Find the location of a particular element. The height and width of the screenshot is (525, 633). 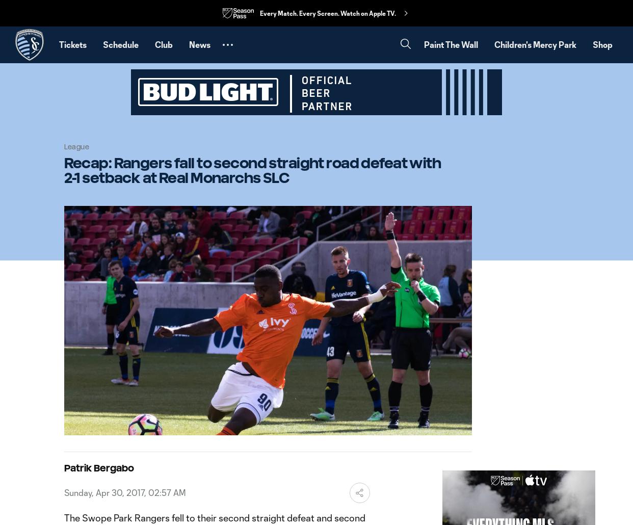

'Shop' is located at coordinates (602, 44).